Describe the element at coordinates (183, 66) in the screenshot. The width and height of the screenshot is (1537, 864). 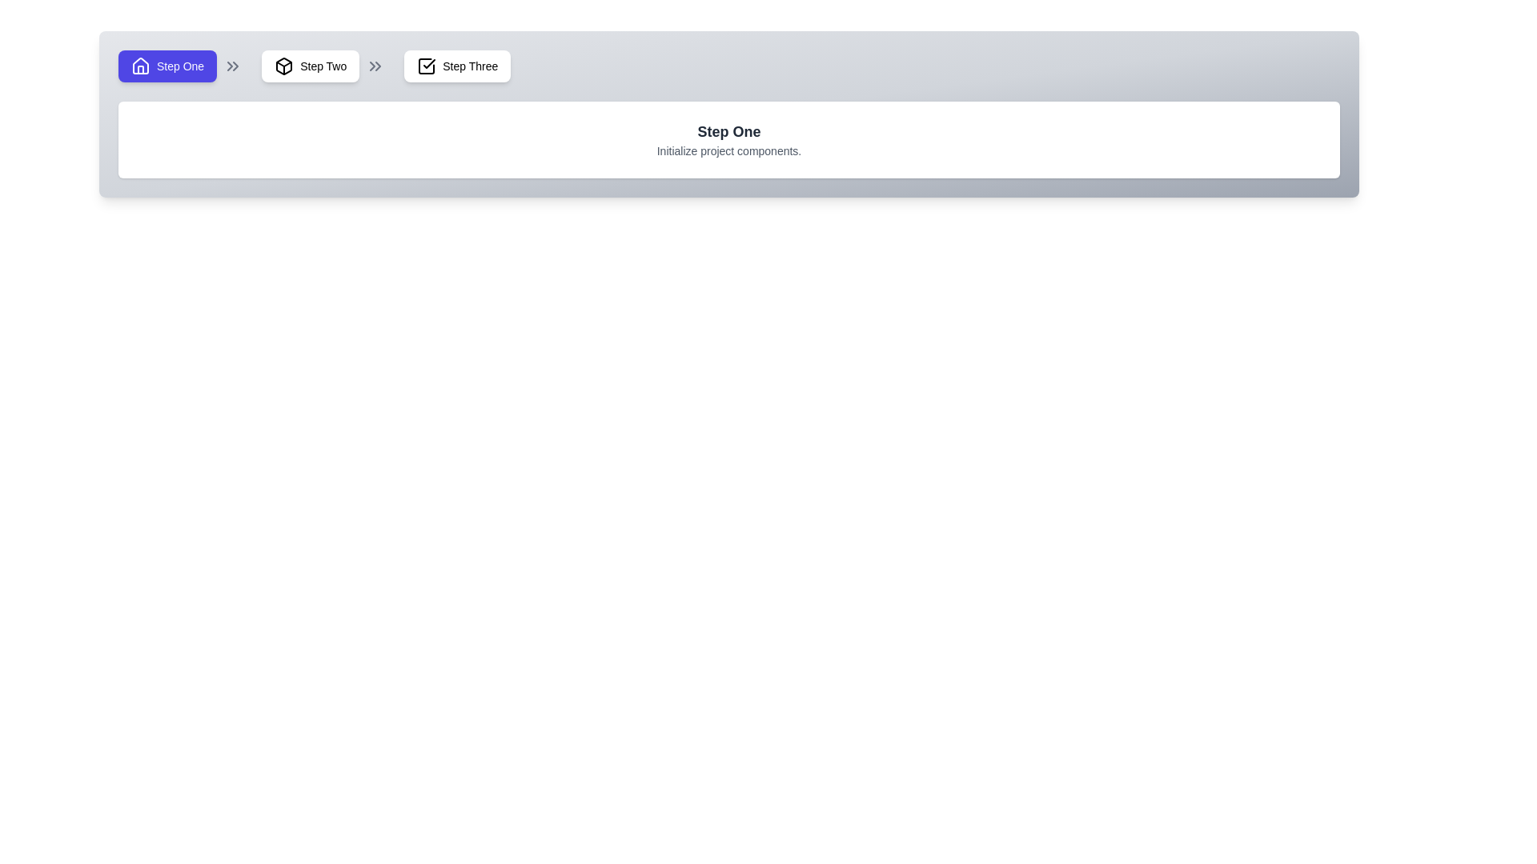
I see `the 'Step One' button located at the top-left of the interface` at that location.